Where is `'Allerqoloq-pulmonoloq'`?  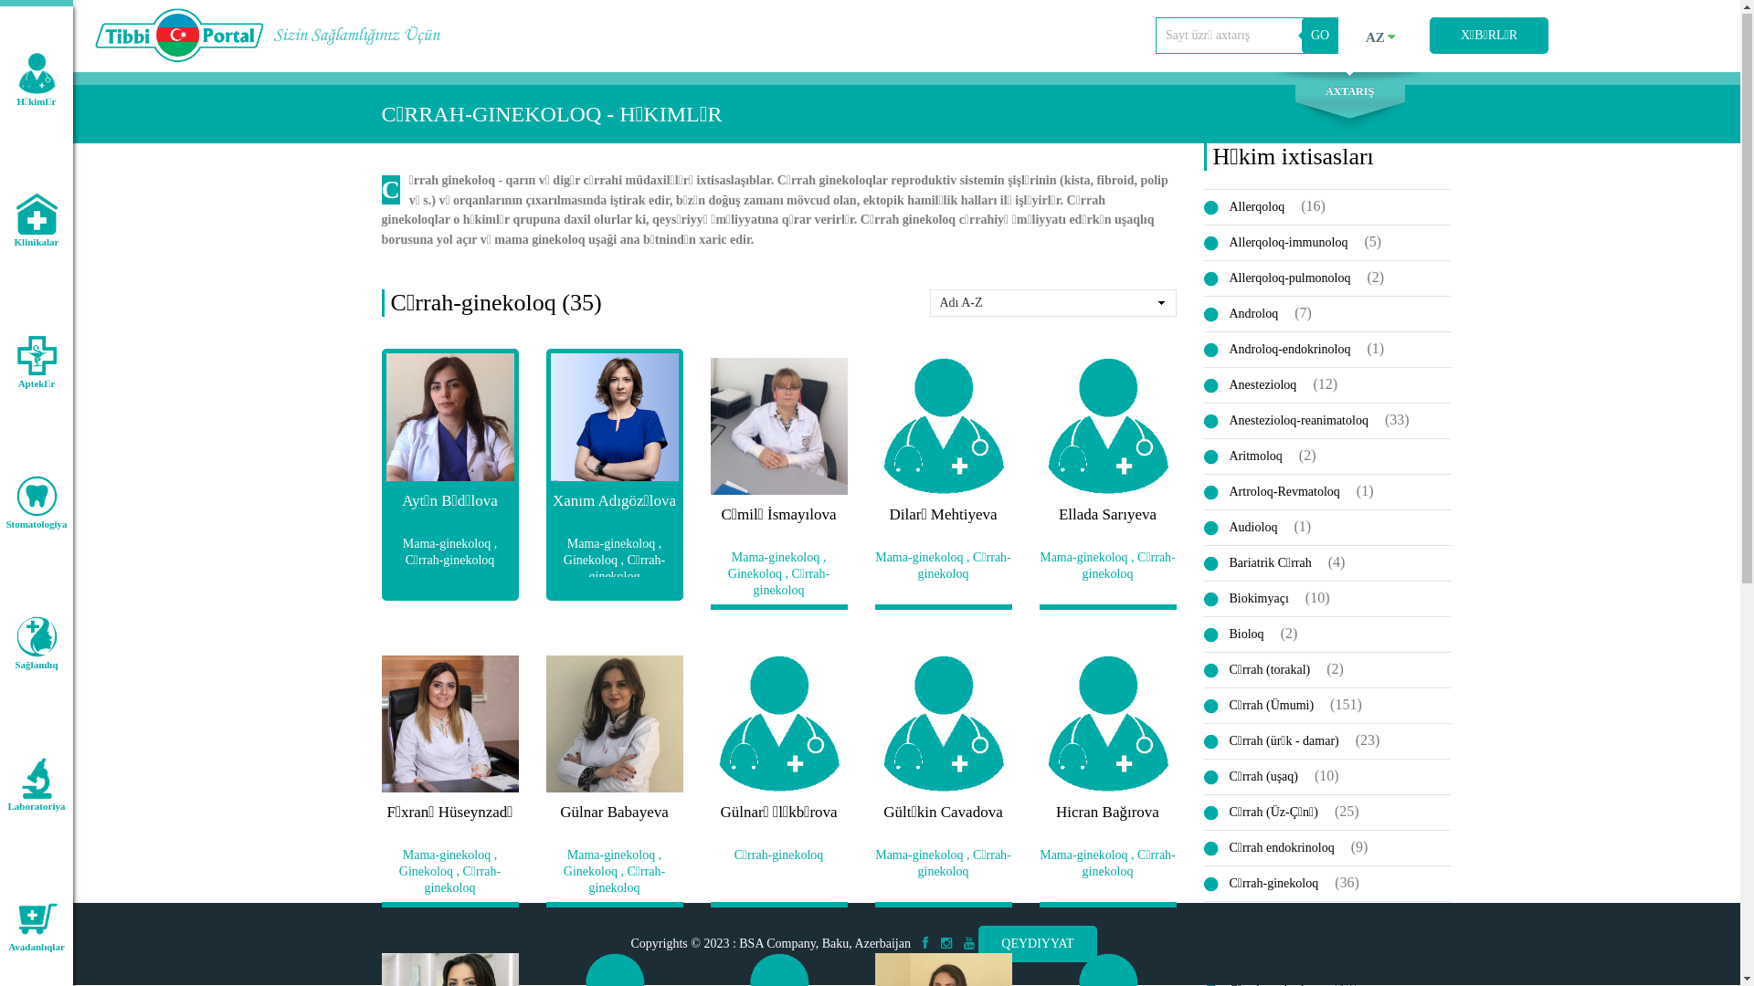 'Allerqoloq-pulmonoloq' is located at coordinates (1283, 278).